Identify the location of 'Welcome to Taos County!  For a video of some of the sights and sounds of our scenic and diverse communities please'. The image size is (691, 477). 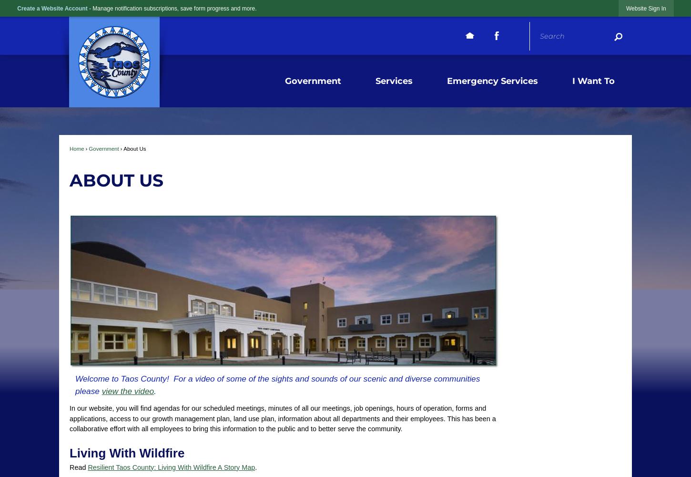
(74, 384).